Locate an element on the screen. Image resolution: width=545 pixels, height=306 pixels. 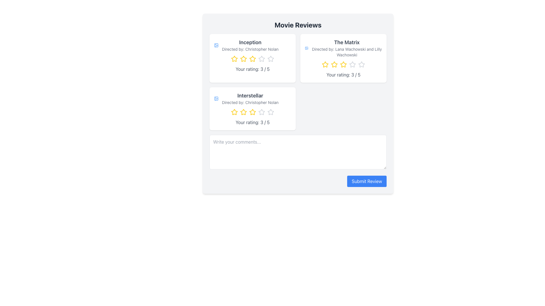
the text element displaying the director's name located below the title 'Interstellar' in the review card is located at coordinates (250, 103).